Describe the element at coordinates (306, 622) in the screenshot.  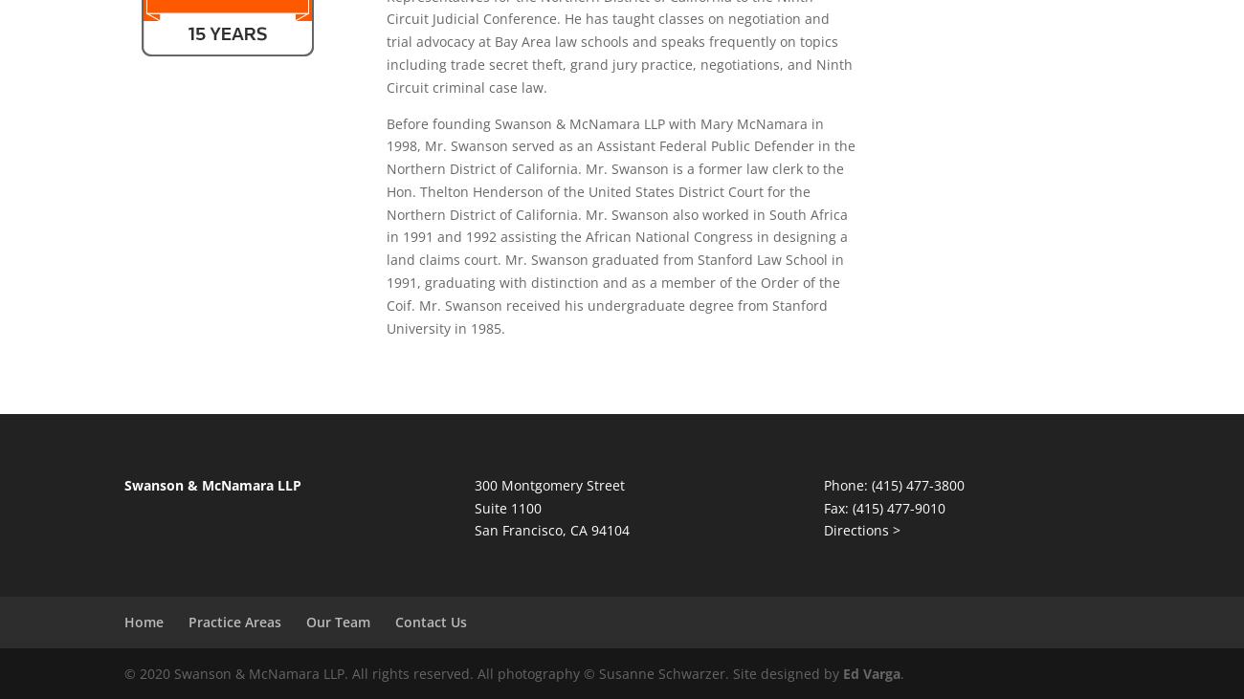
I see `'Our Team'` at that location.